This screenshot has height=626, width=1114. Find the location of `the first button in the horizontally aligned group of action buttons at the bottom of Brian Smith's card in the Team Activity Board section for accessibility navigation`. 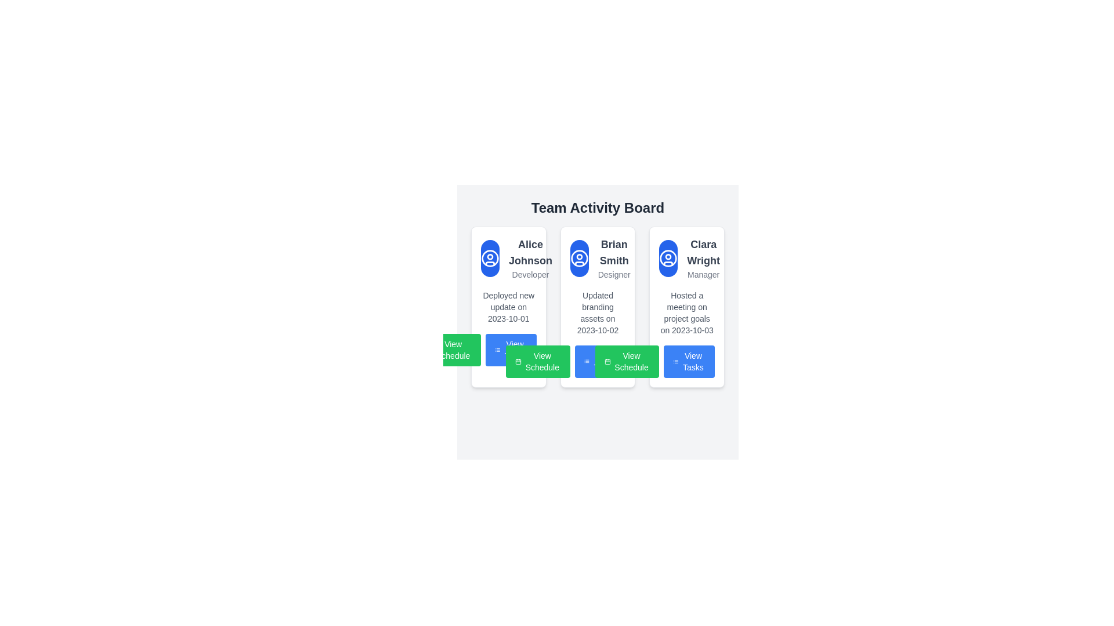

the first button in the horizontally aligned group of action buttons at the bottom of Brian Smith's card in the Team Activity Board section for accessibility navigation is located at coordinates (537, 361).